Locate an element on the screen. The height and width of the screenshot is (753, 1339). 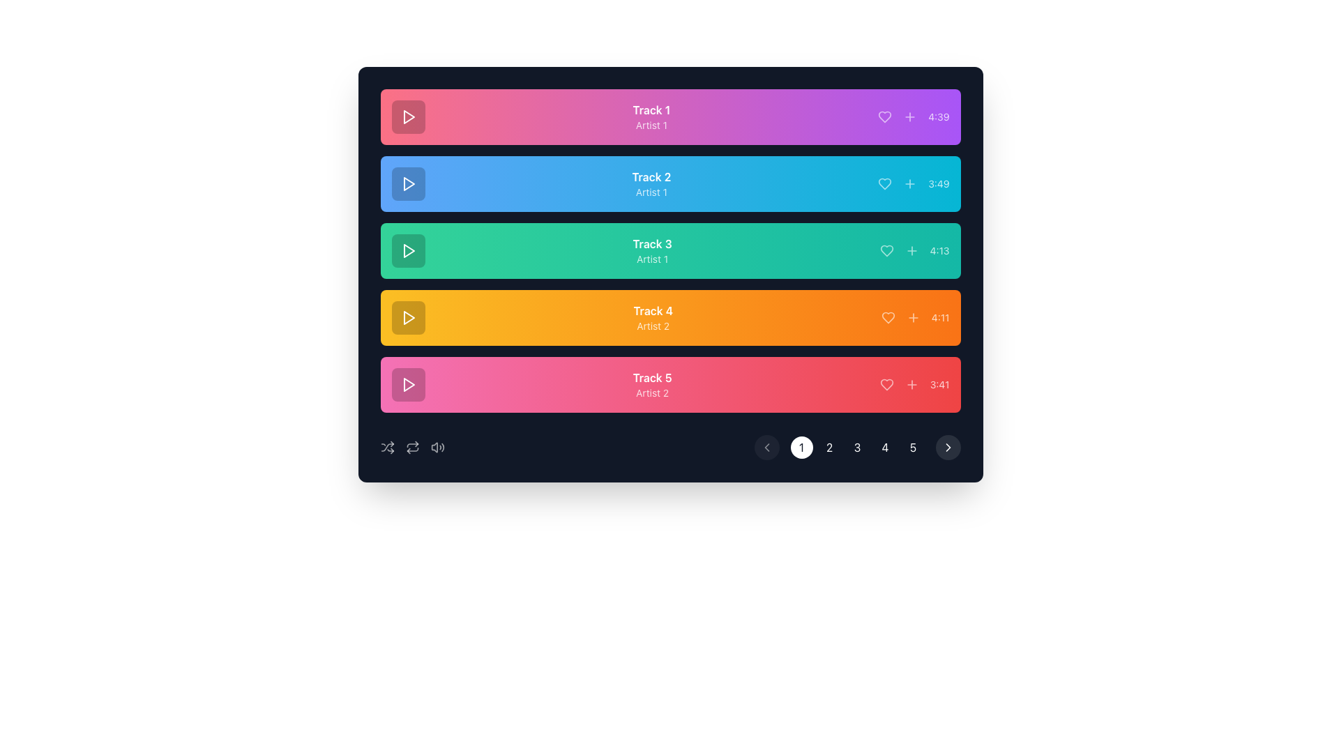
the List Item labeled 'Track 5' with a pink to red gradient background is located at coordinates (670, 384).